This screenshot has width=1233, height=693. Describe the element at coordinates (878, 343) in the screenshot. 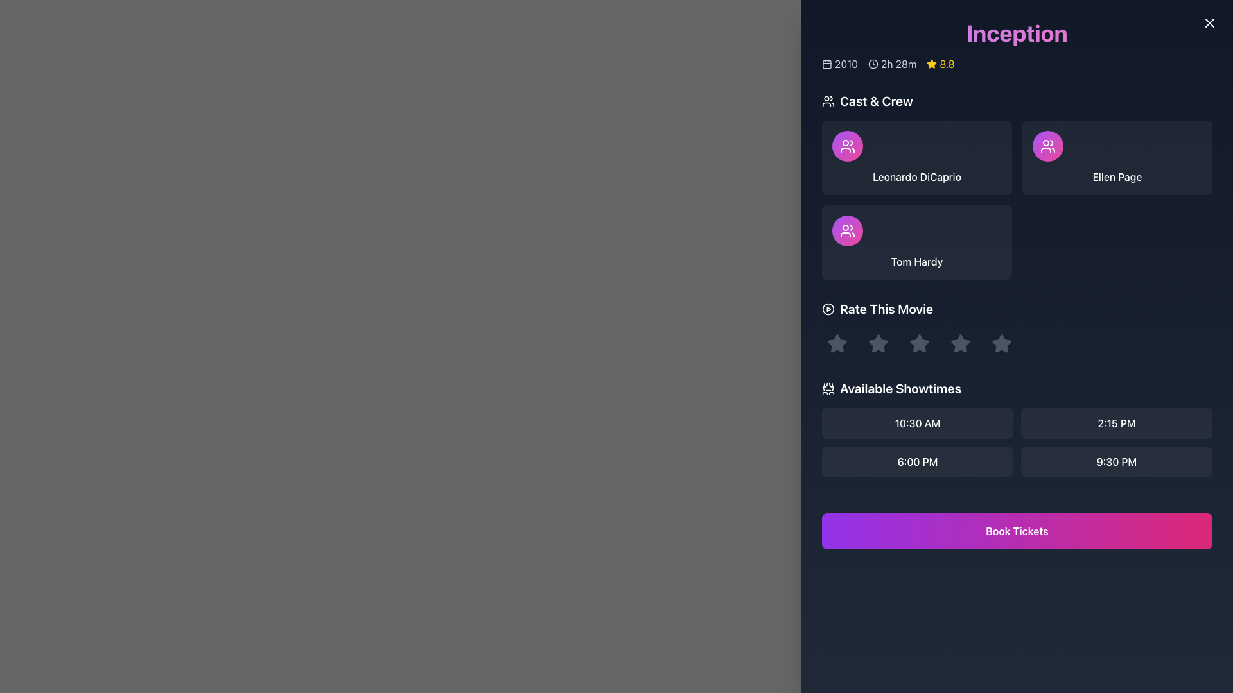

I see `the filled star-shaped icon in the 'Rate This Movie' section` at that location.